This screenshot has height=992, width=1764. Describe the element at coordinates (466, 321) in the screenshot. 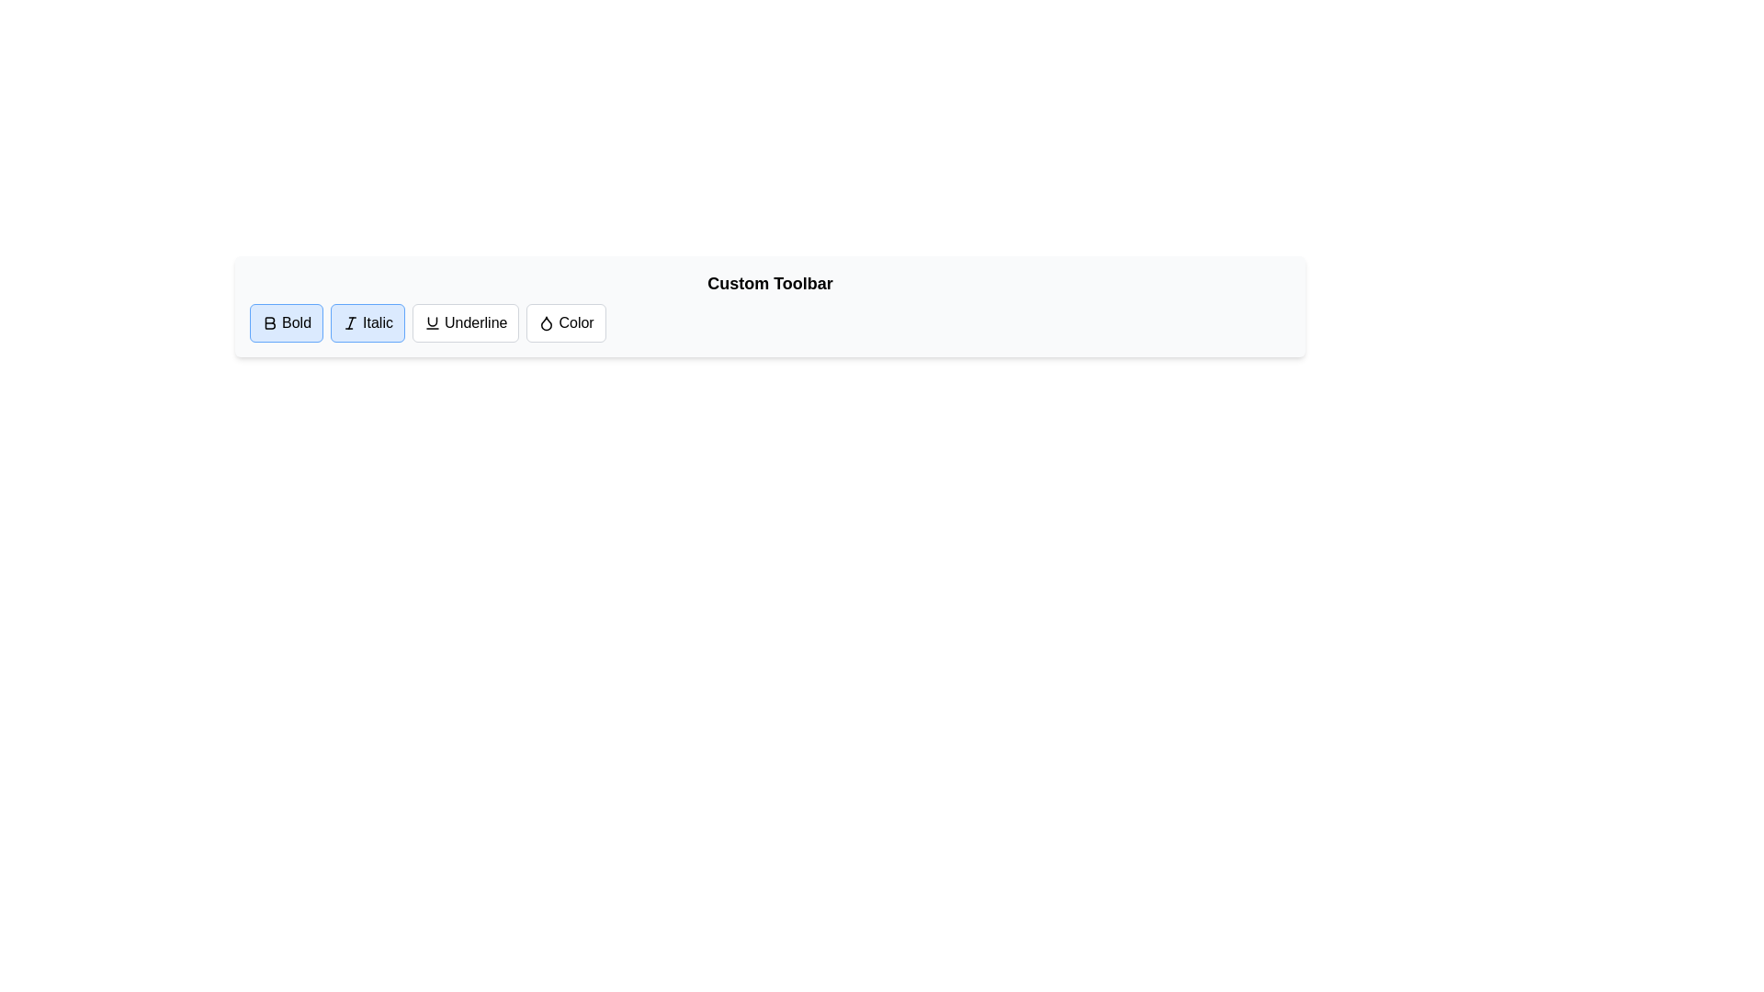

I see `the 'Underline' button, which is a rectangular button with rounded corners, white background, light gray border, and contains an icon depicting an underlined 'U' and the text label 'Underline'` at that location.